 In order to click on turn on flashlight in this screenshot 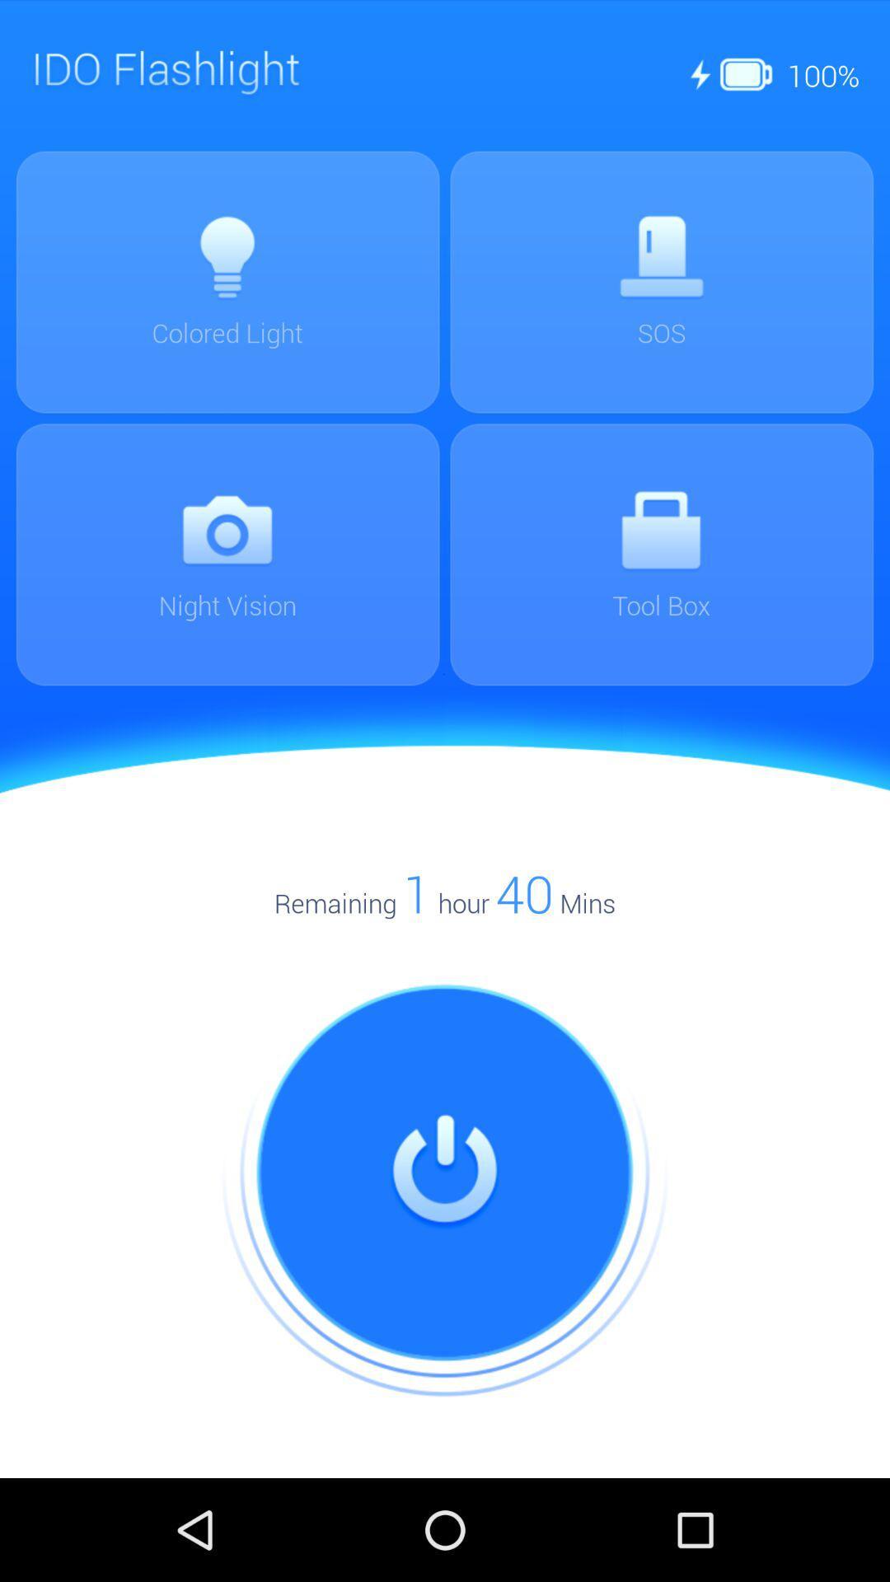, I will do `click(445, 1172)`.